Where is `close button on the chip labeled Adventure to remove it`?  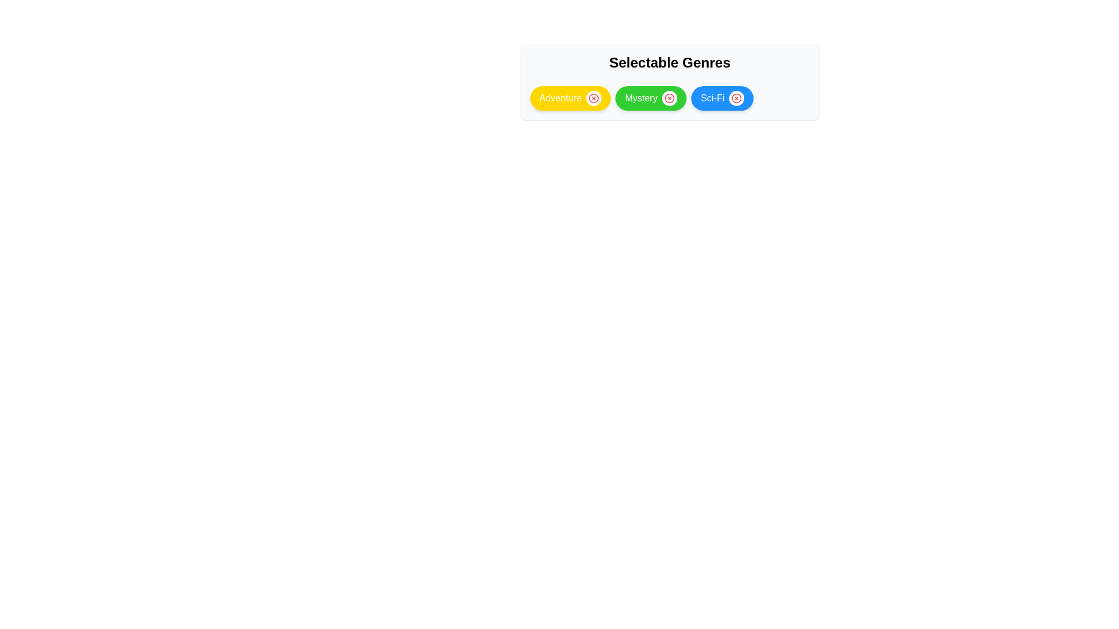
close button on the chip labeled Adventure to remove it is located at coordinates (594, 98).